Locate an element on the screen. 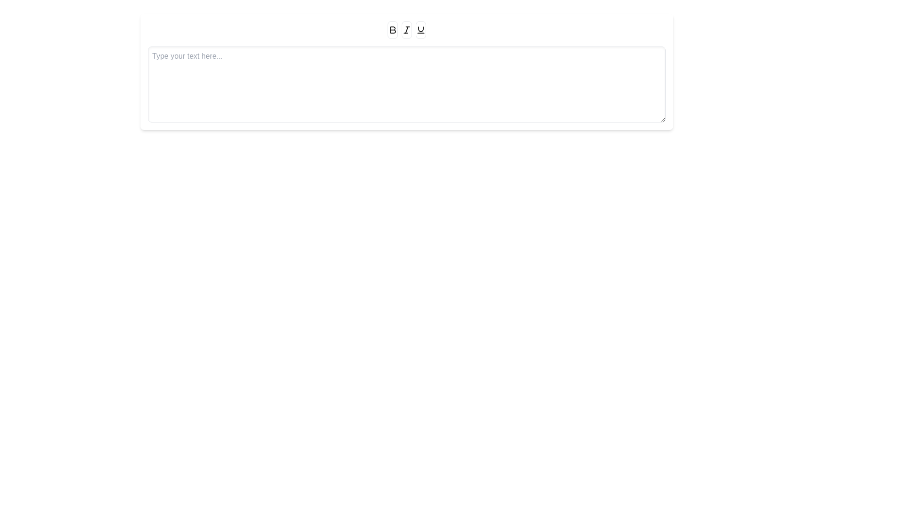 This screenshot has height=507, width=902. the button with an underlined 'U' icon, which is the third button in a horizontal sequence of buttons, to observe the tooltip or visual feedback is located at coordinates (420, 30).